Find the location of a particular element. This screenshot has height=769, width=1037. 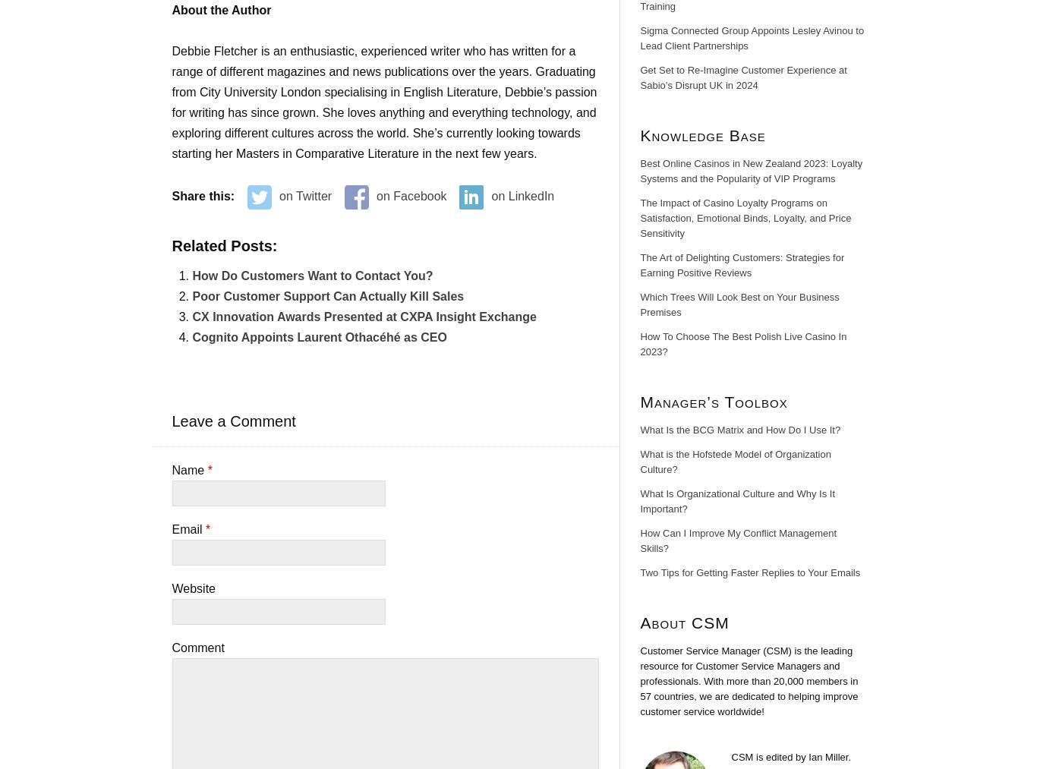

'What is the Hofstede Model of Organization Culture?' is located at coordinates (735, 461).